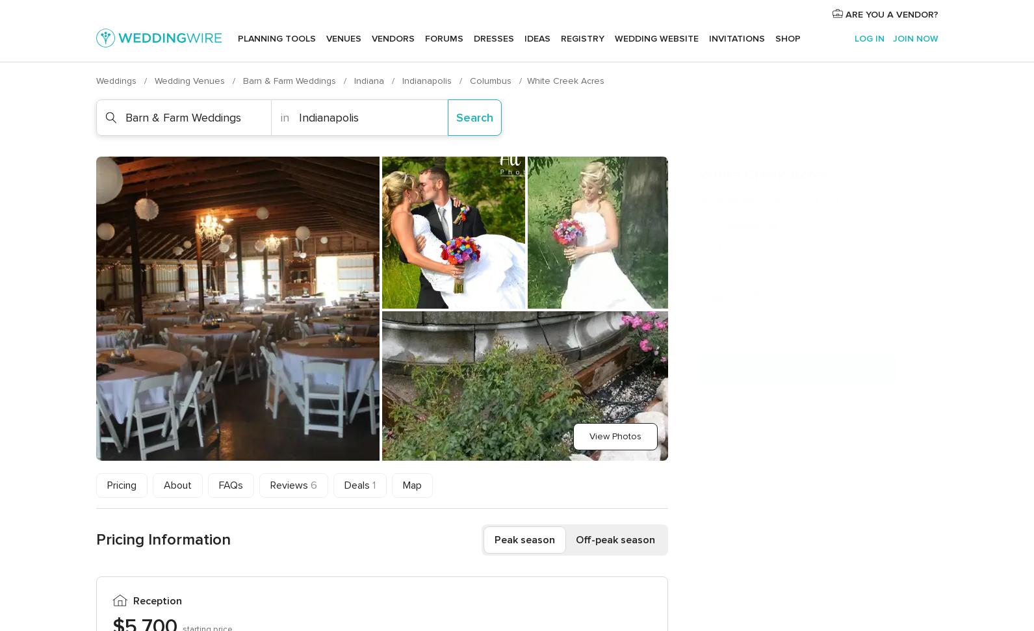 This screenshot has width=1034, height=631. Describe the element at coordinates (370, 38) in the screenshot. I see `'Vendors'` at that location.